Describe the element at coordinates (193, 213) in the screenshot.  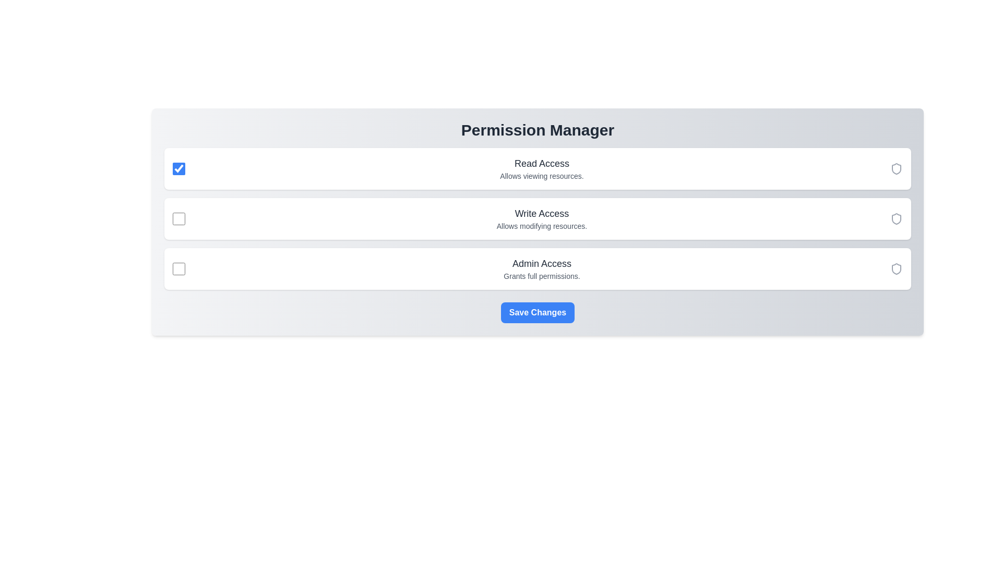
I see `the permission description for Write Access` at that location.